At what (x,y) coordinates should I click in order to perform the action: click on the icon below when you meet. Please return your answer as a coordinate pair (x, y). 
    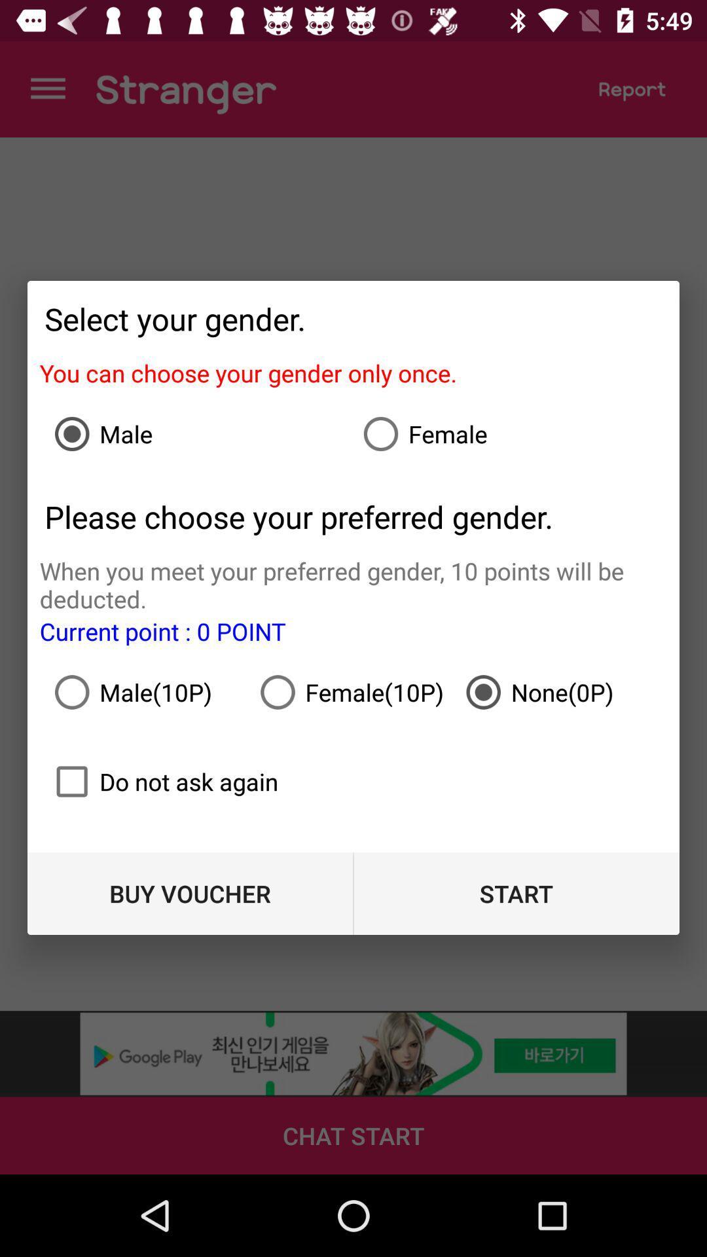
    Looking at the image, I should click on (559, 691).